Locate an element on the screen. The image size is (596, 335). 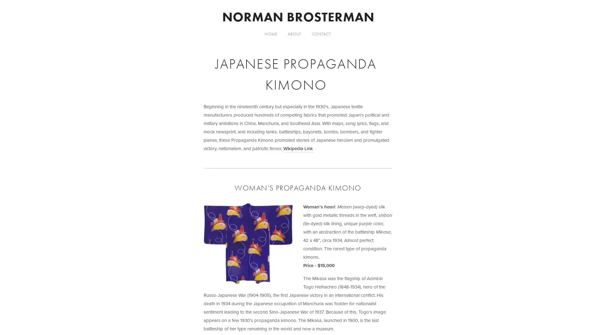
View fullsize PurpleKimono.jpg is located at coordinates (247, 243).